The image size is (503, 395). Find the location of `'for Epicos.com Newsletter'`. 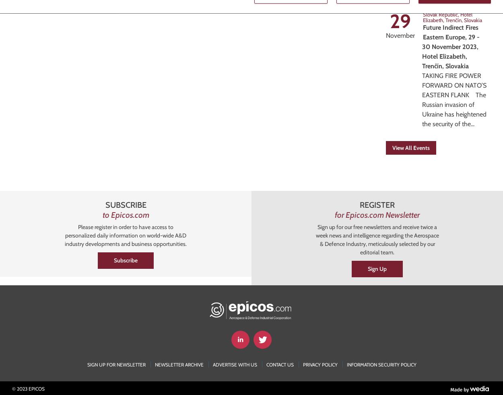

'for Epicos.com Newsletter' is located at coordinates (377, 215).